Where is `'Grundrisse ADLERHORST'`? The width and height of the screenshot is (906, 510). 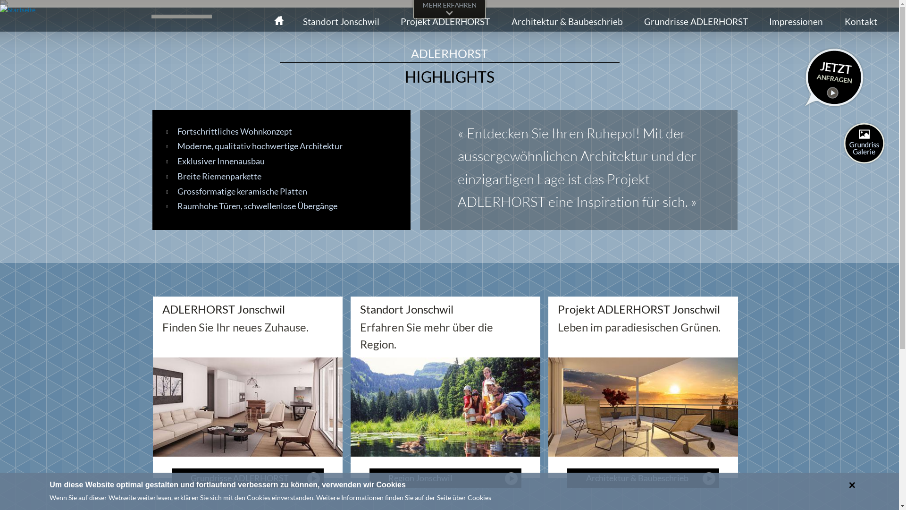 'Grundrisse ADLERHORST' is located at coordinates (247, 478).